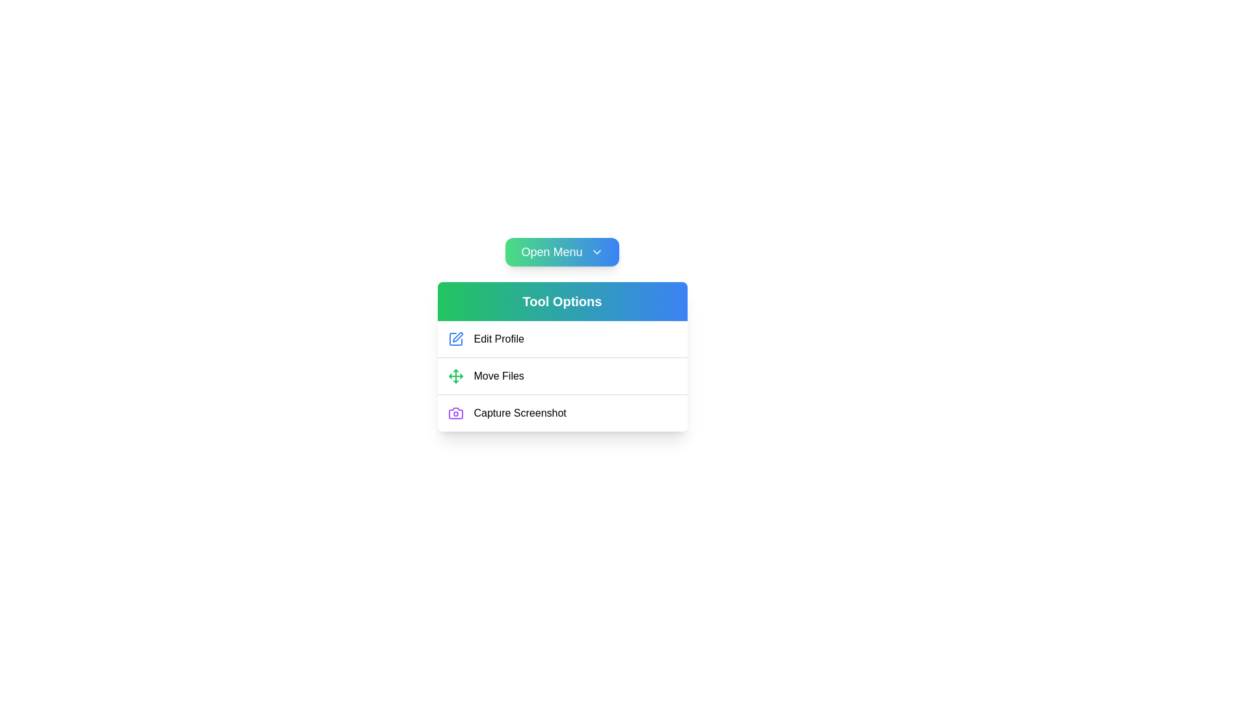 This screenshot has height=702, width=1249. I want to click on the button with a gradient background that has the text 'Open Menu' and a downward arrow icon, so click(562, 252).